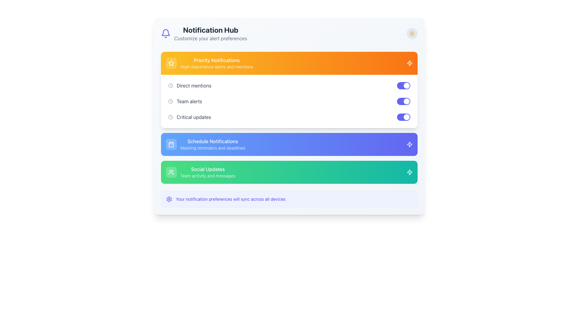 This screenshot has height=327, width=581. I want to click on the 'Notification Hub' header text, which is displayed in a large, bold font at the top of the section, above the subtitle 'Customize your alert preferences', so click(211, 30).